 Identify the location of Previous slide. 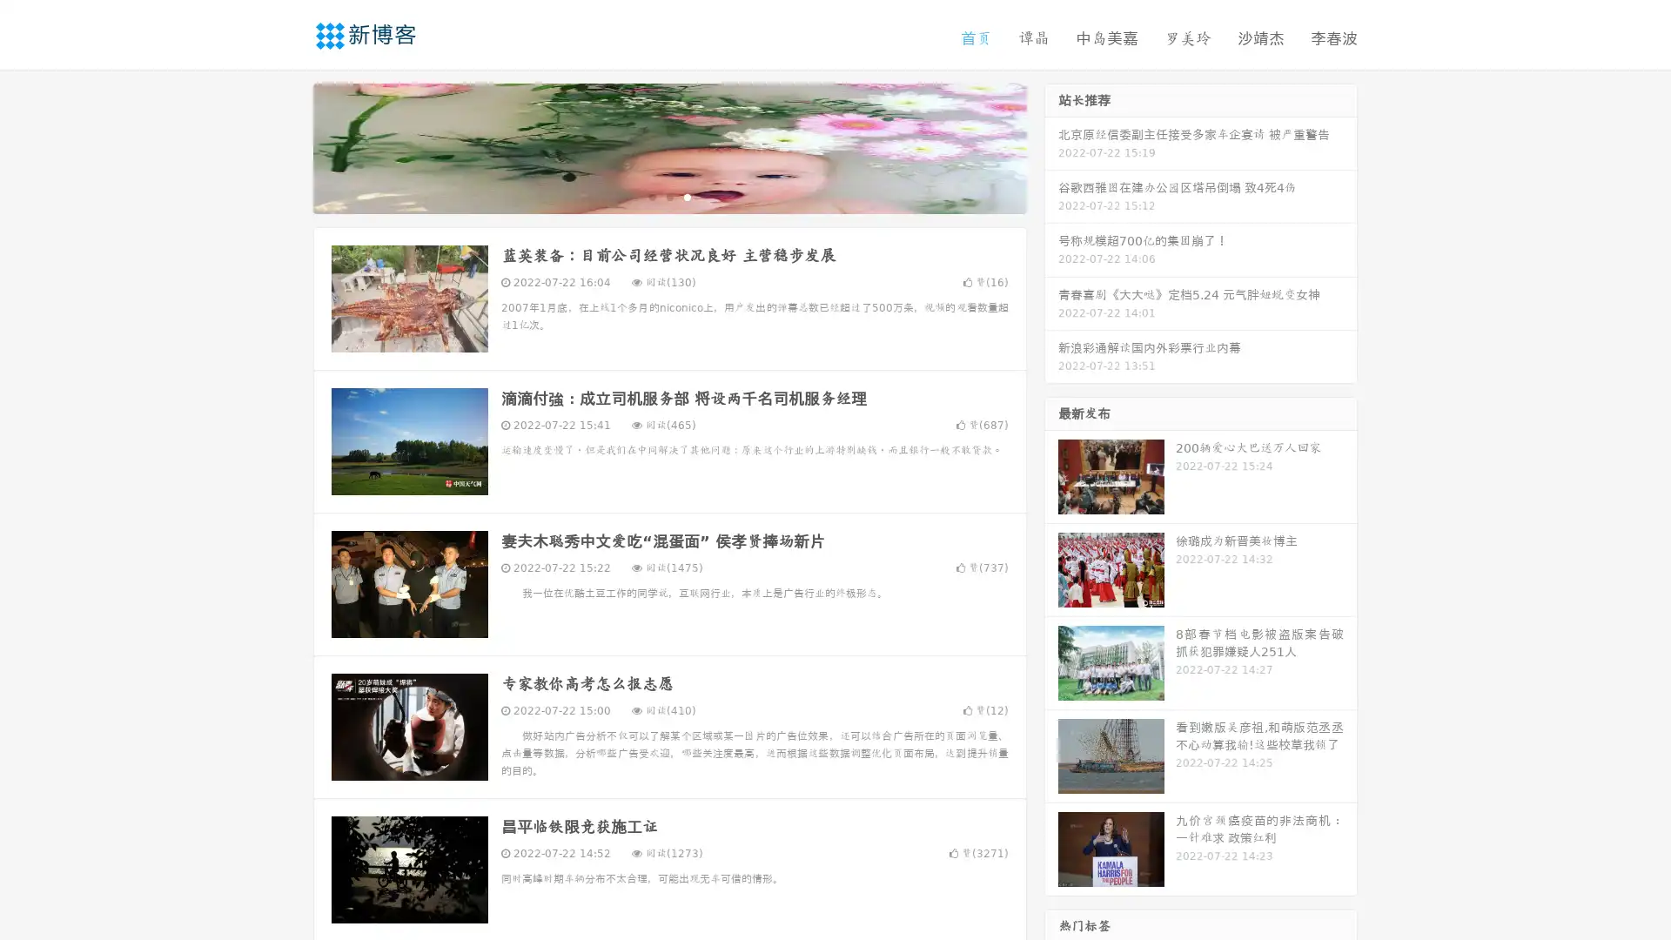
(287, 146).